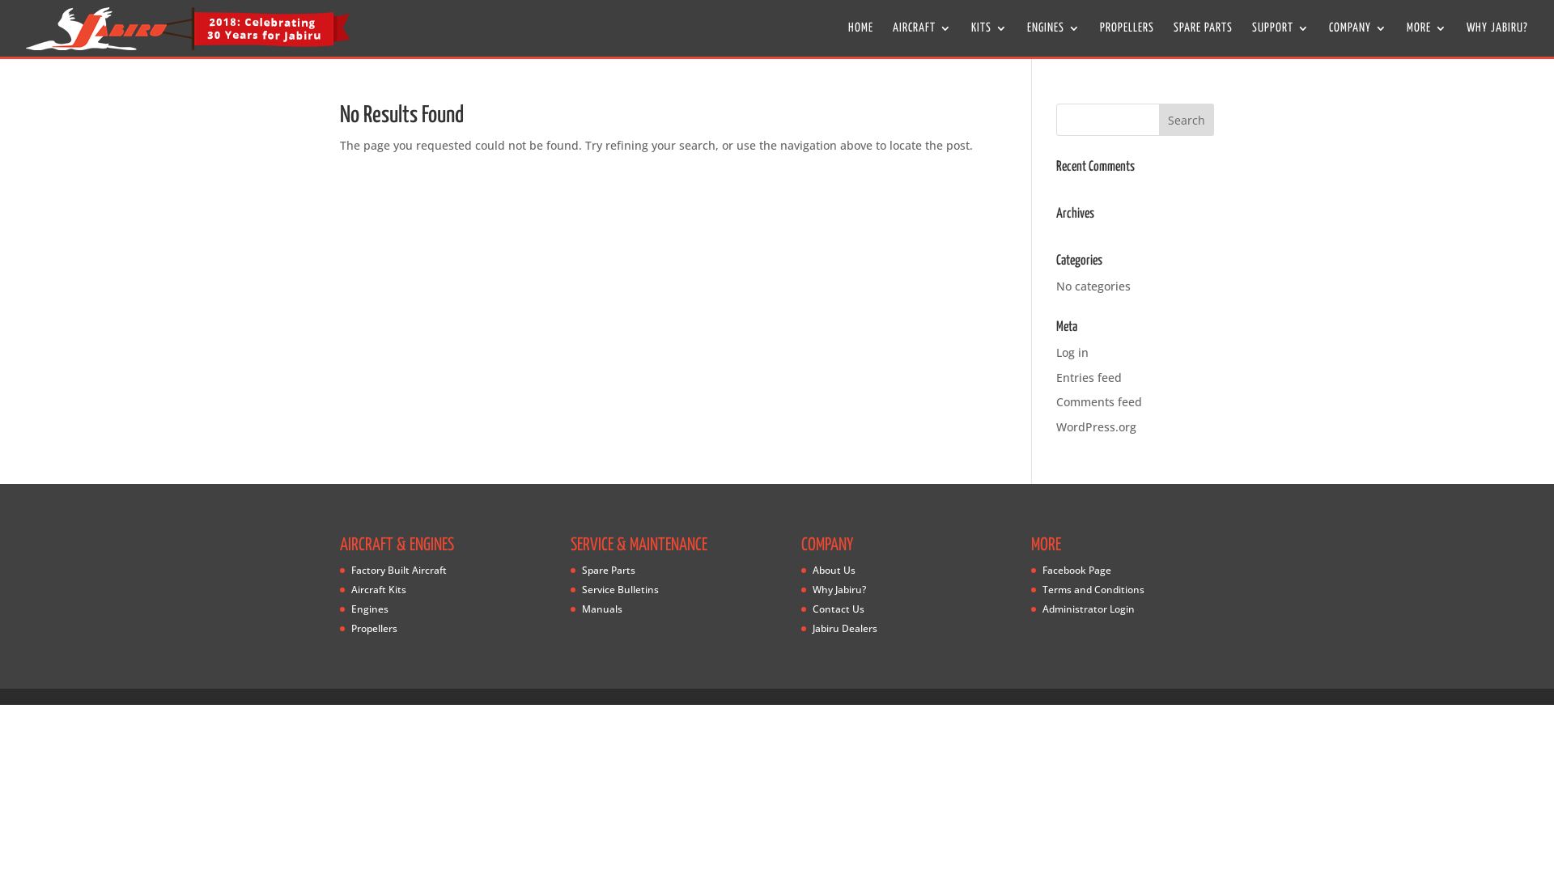  Describe the element at coordinates (368, 609) in the screenshot. I see `'Engines'` at that location.